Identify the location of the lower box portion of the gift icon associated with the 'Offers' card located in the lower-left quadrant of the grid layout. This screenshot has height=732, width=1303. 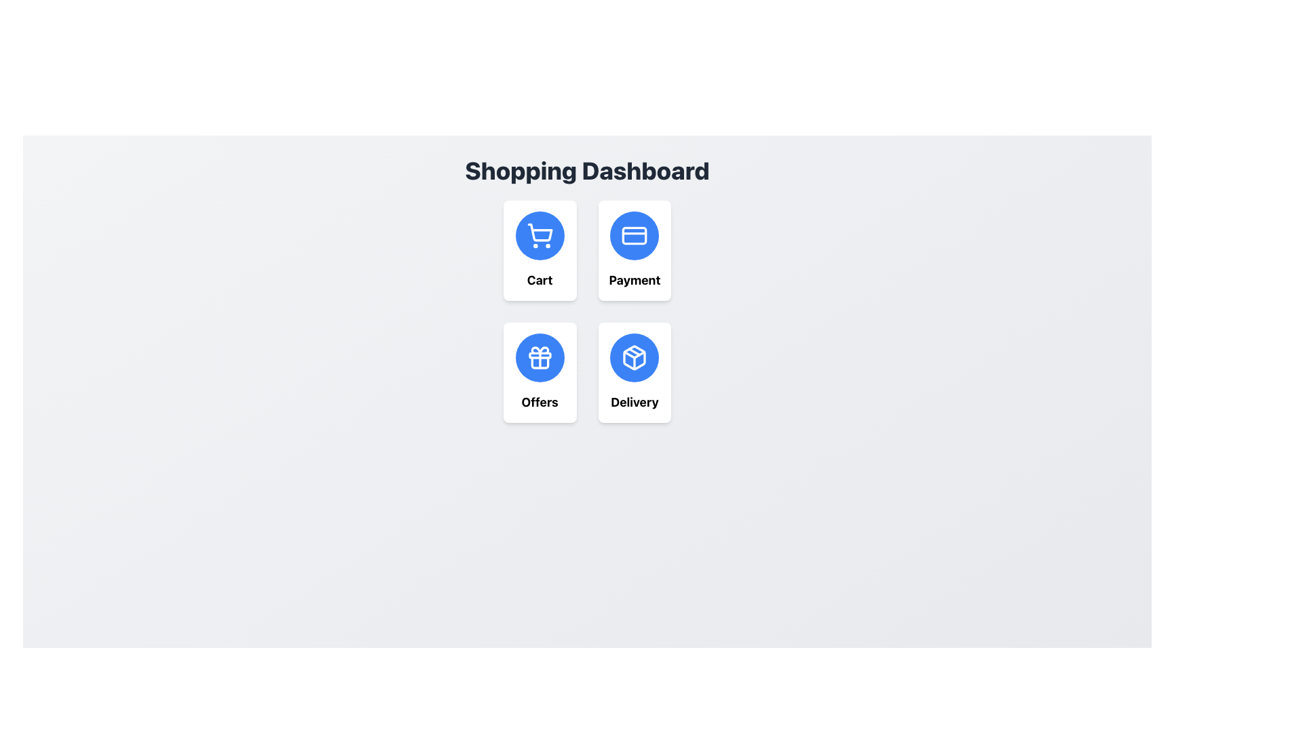
(539, 362).